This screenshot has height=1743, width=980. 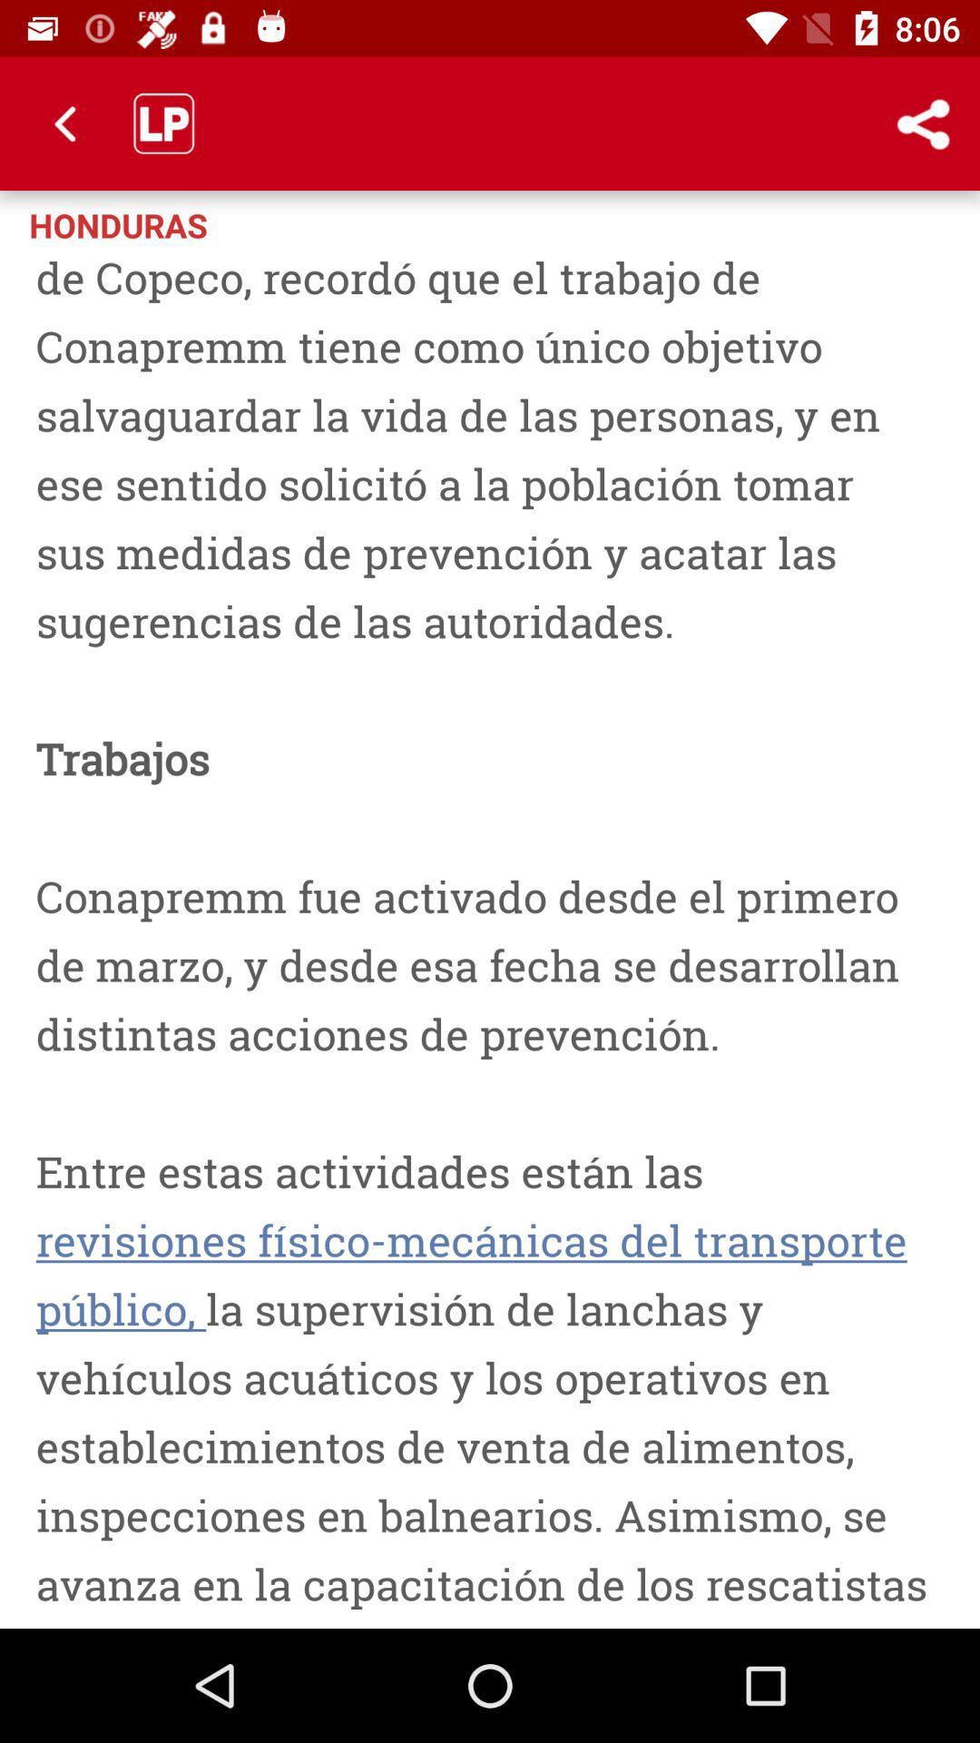 What do you see at coordinates (848, 222) in the screenshot?
I see `item next to the honduras item` at bounding box center [848, 222].